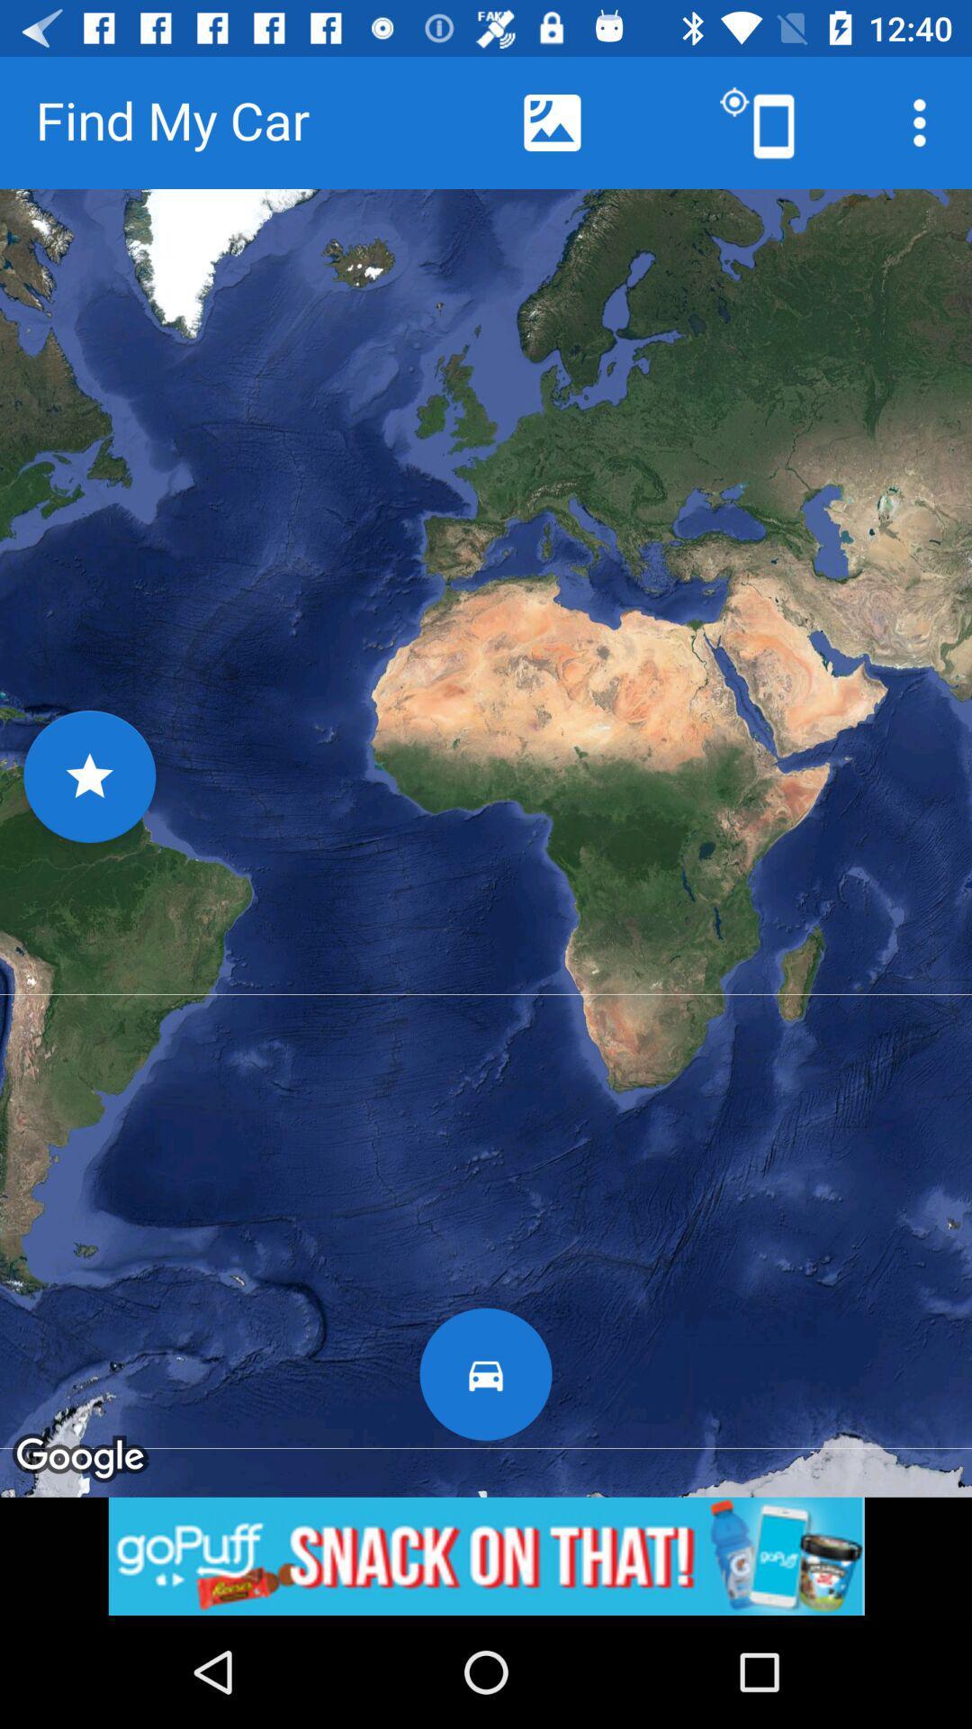 The height and width of the screenshot is (1729, 972). What do you see at coordinates (486, 1555) in the screenshot?
I see `banner advertisement` at bounding box center [486, 1555].